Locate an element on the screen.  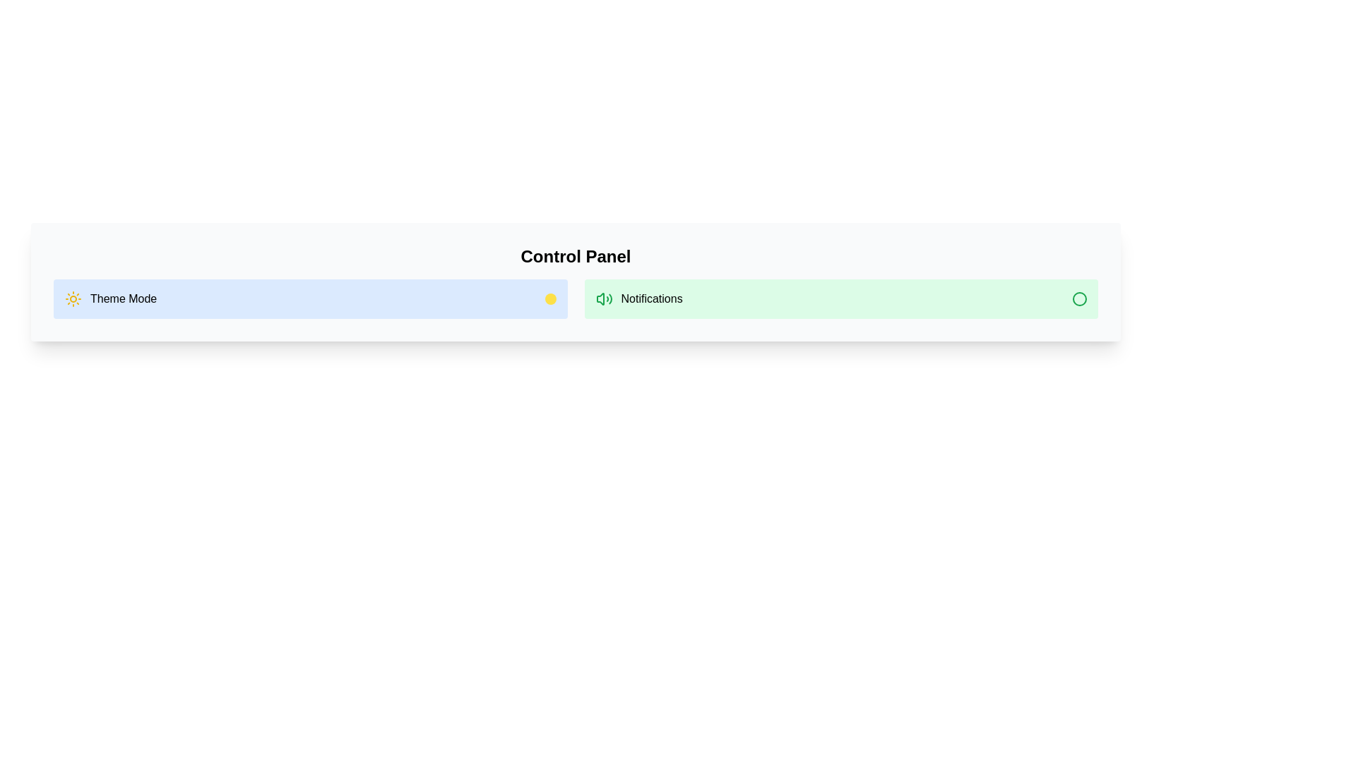
the circular yellow button located in the 'Theme Mode' section is located at coordinates (549, 298).